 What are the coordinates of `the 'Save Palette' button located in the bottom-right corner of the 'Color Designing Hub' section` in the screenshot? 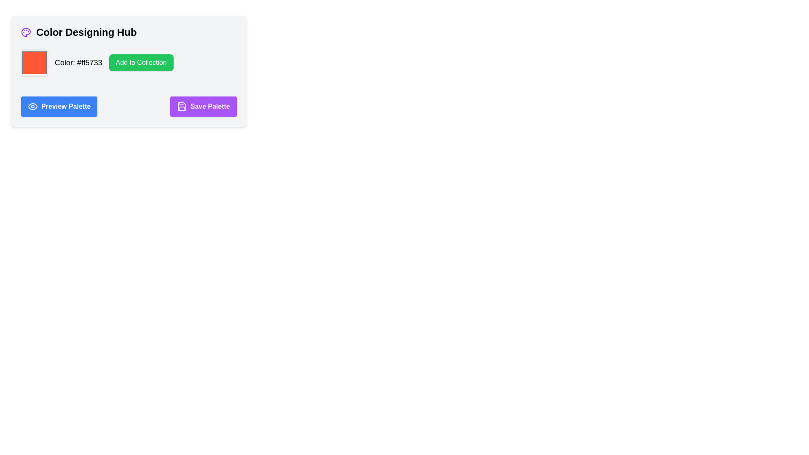 It's located at (203, 106).